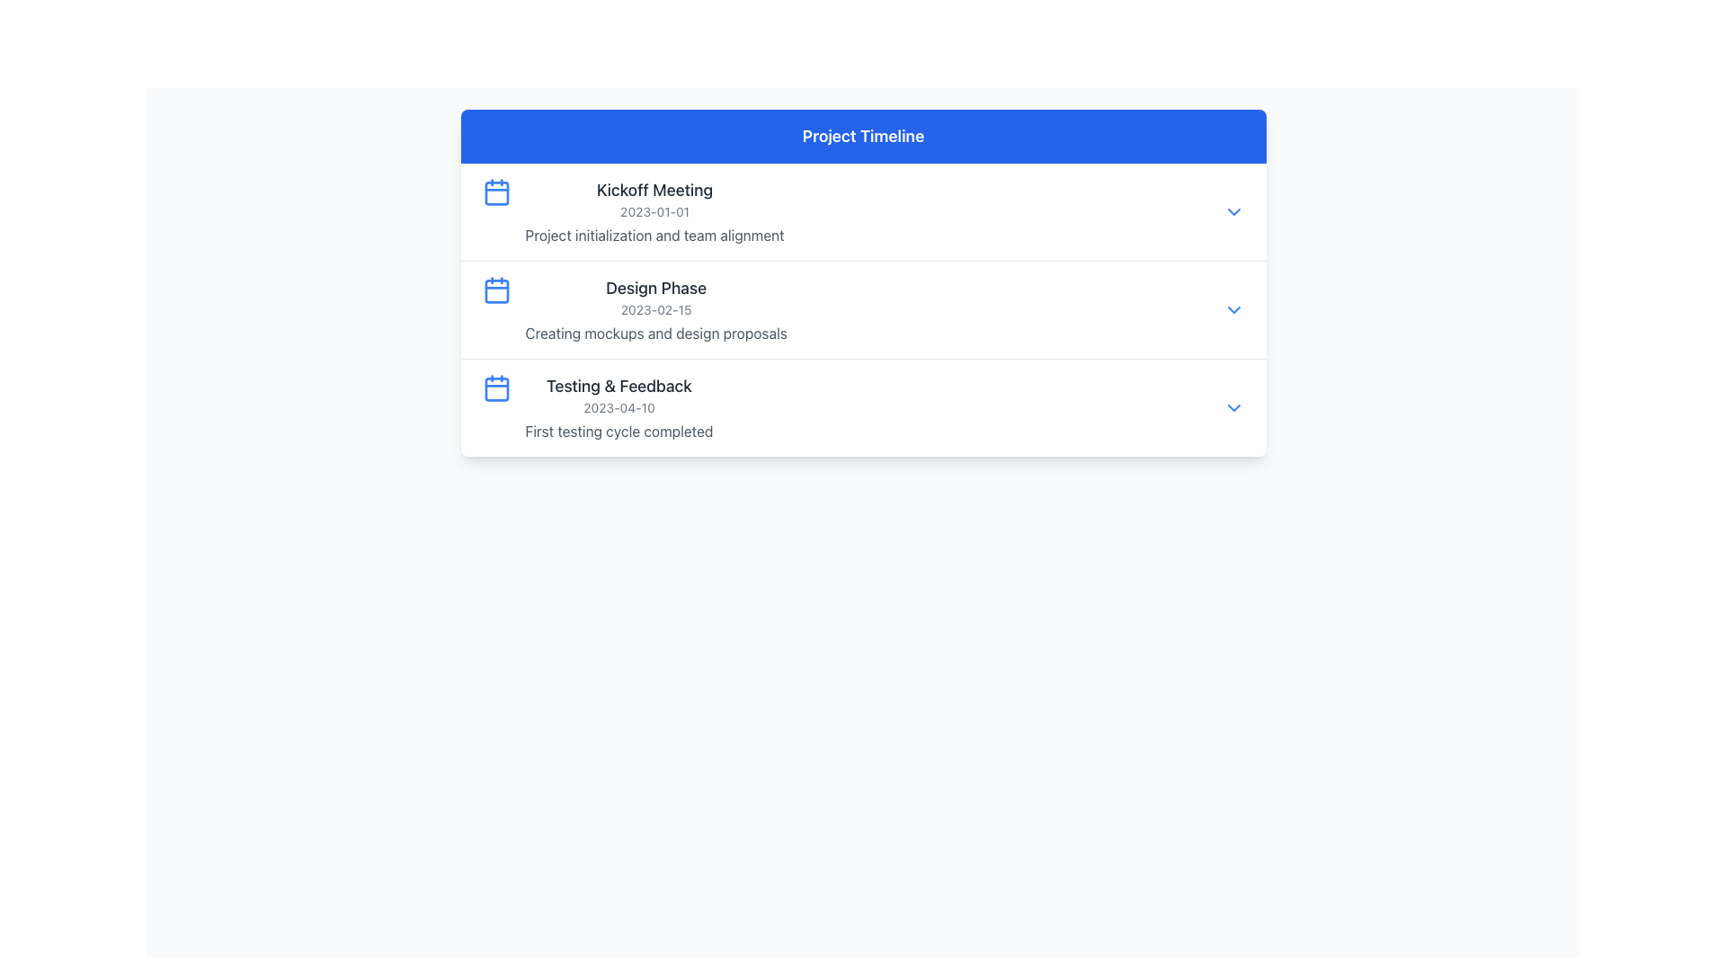 The width and height of the screenshot is (1726, 971). I want to click on the textual display element that describes a phase in the project timeline, so click(619, 408).